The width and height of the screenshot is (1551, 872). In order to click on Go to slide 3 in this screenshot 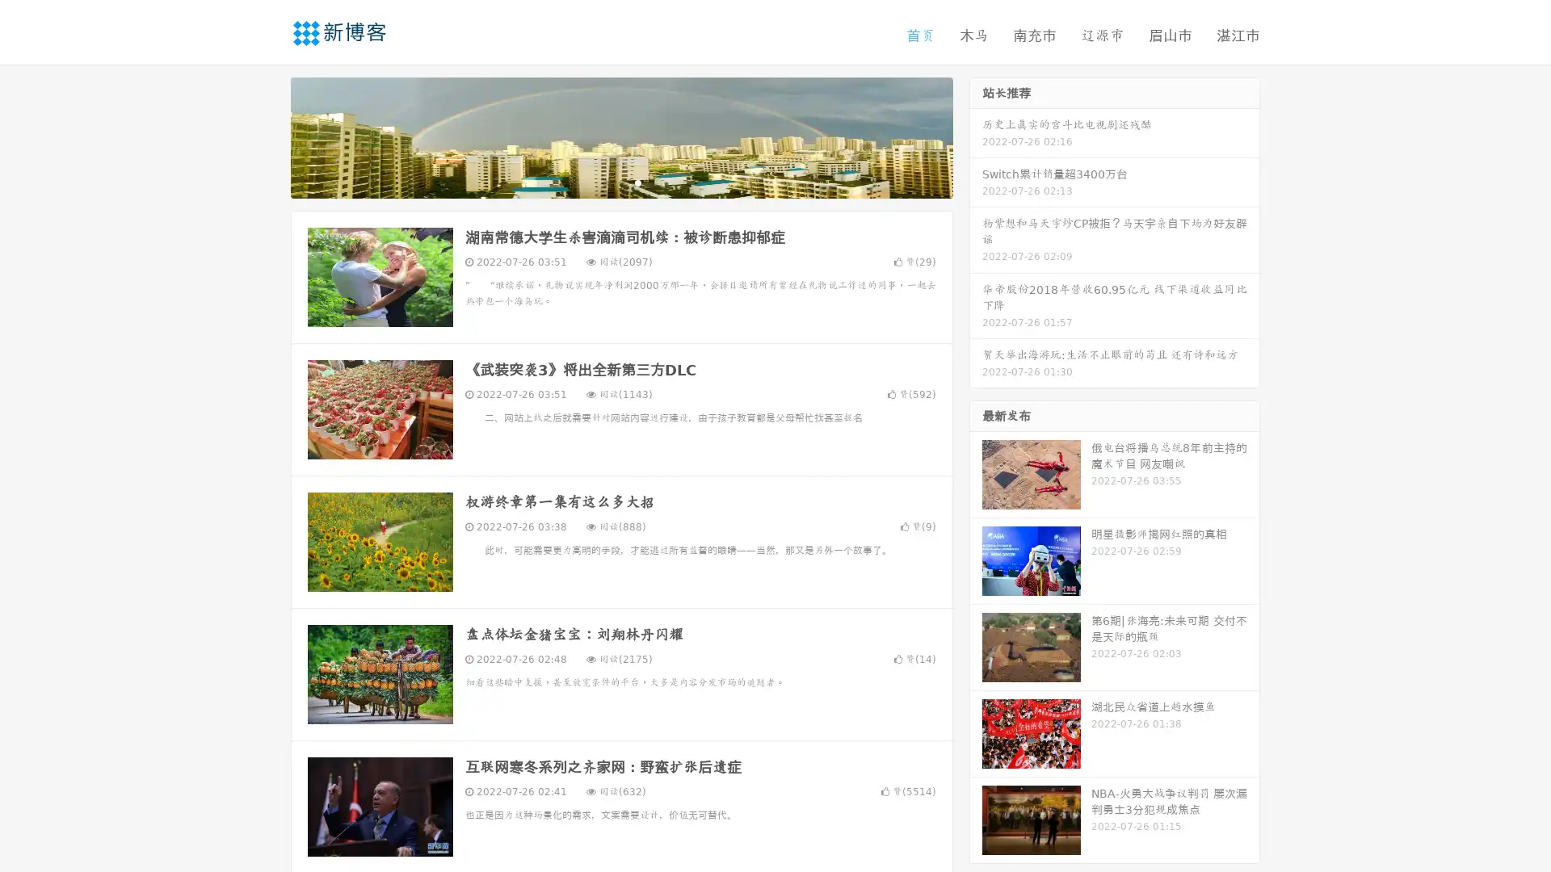, I will do `click(637, 182)`.